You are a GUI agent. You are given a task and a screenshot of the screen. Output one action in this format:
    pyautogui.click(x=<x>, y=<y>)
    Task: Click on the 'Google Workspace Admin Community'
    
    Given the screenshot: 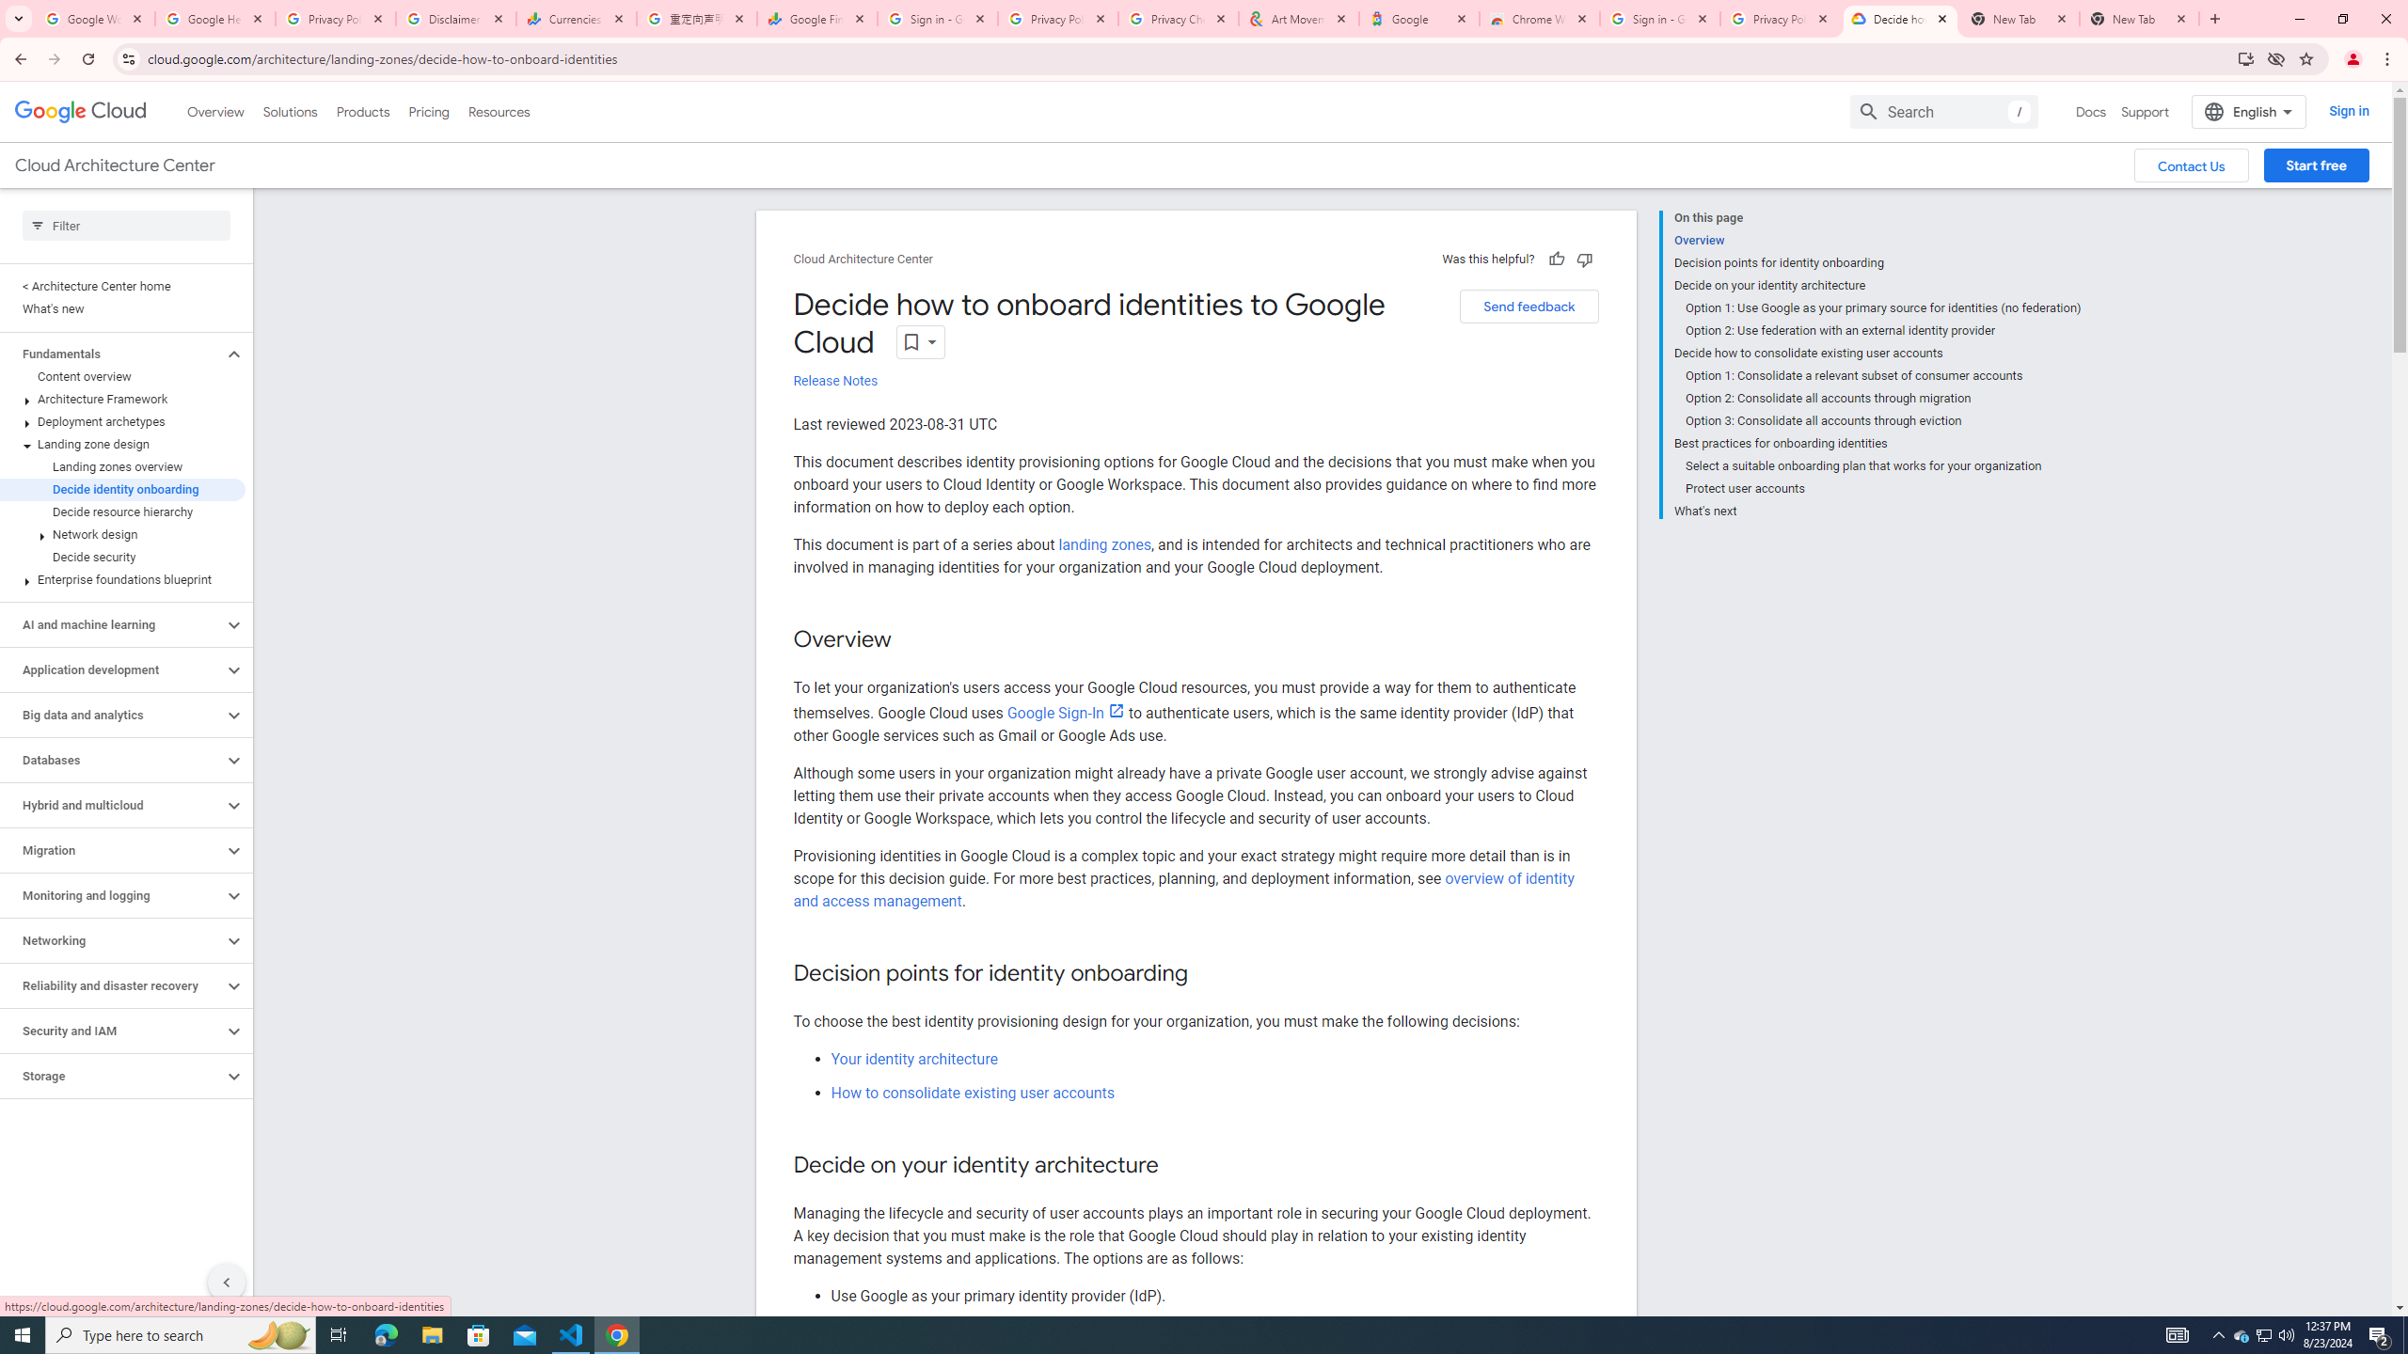 What is the action you would take?
    pyautogui.click(x=95, y=18)
    